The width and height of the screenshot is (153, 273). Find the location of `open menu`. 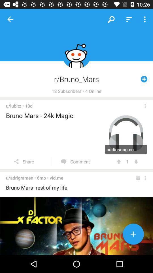

open menu is located at coordinates (145, 106).